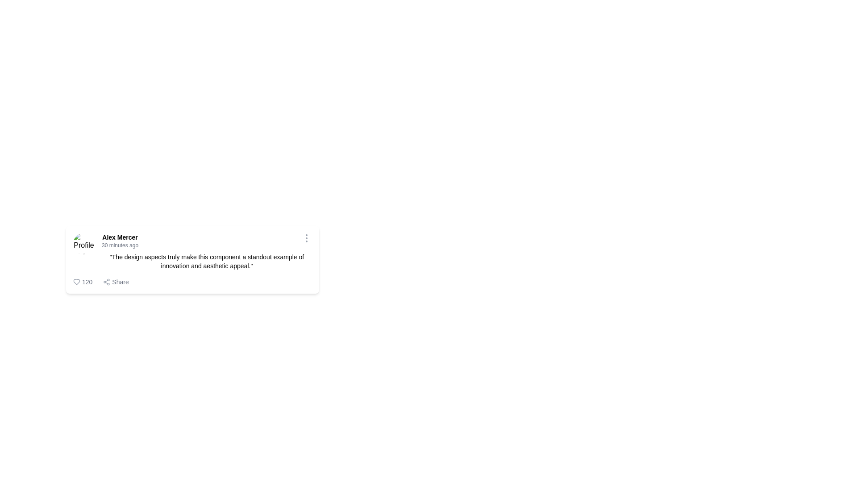  I want to click on the user profile image displayed on the far left of the post, which serves as a user identifier, so click(83, 244).